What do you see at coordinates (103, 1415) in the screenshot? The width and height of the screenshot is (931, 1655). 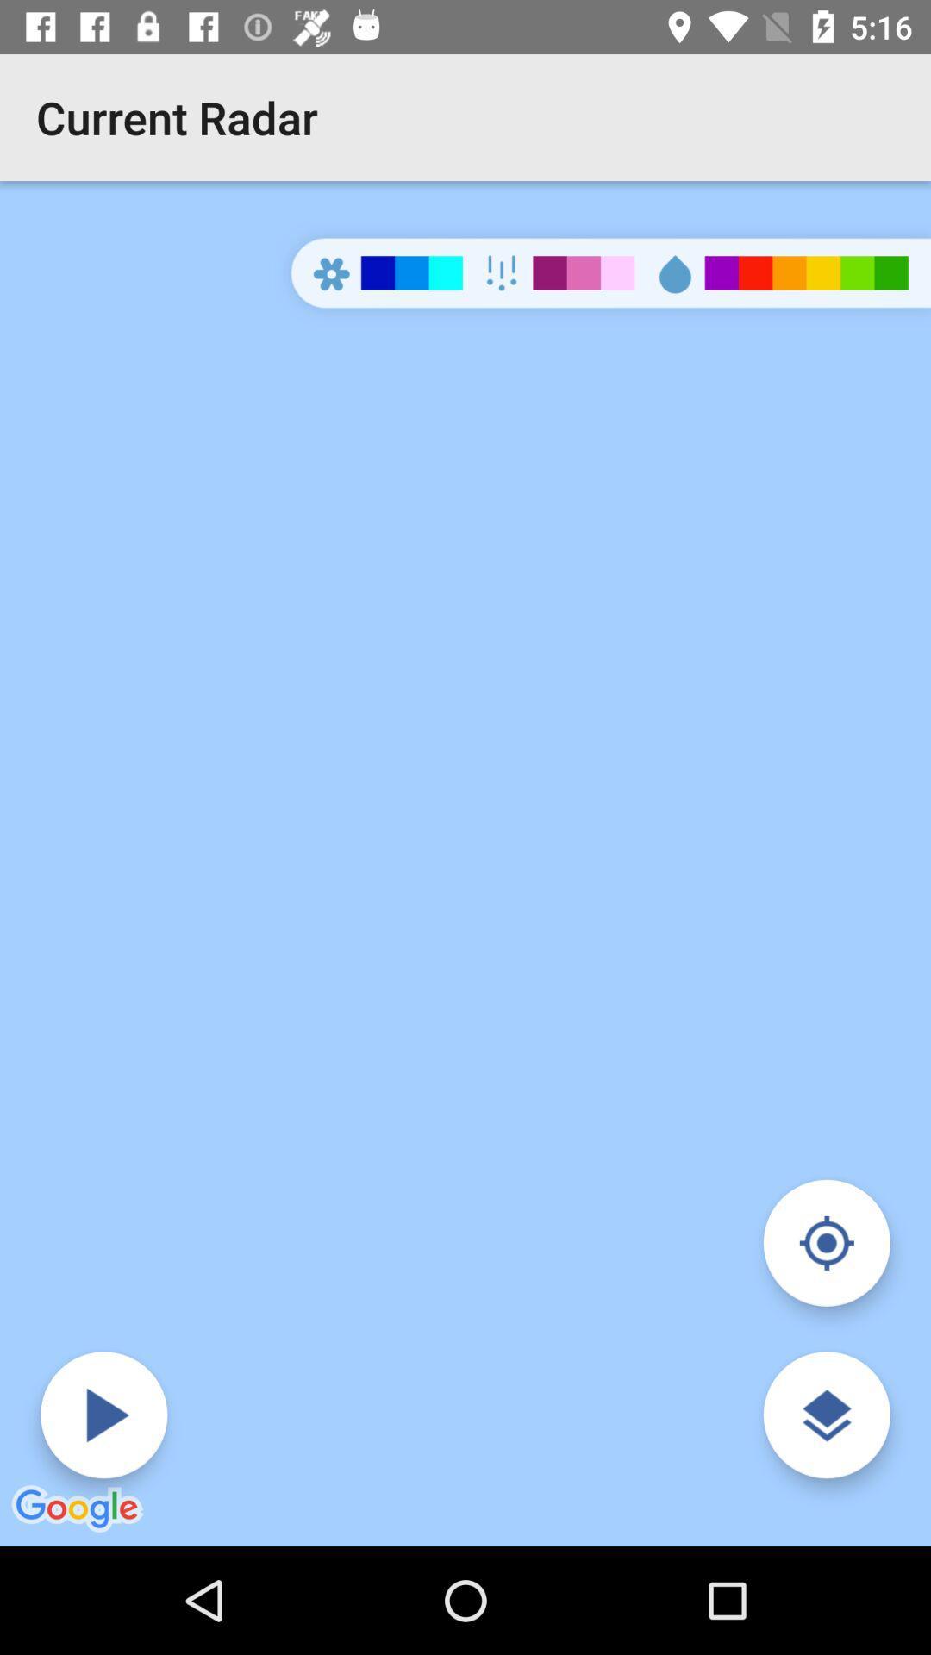 I see `the play icon` at bounding box center [103, 1415].